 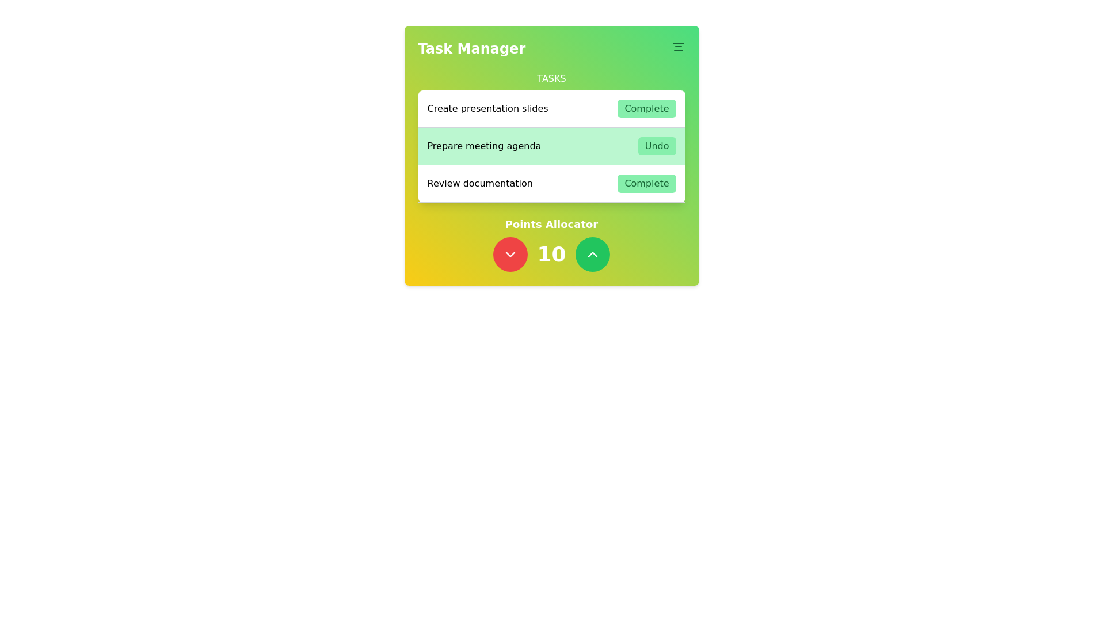 I want to click on the 'Undo' button, so click(x=657, y=146).